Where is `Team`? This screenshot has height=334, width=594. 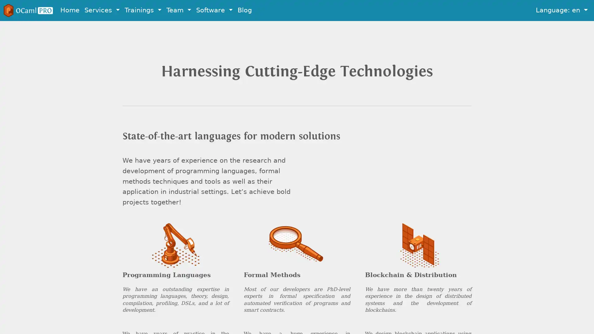 Team is located at coordinates (178, 10).